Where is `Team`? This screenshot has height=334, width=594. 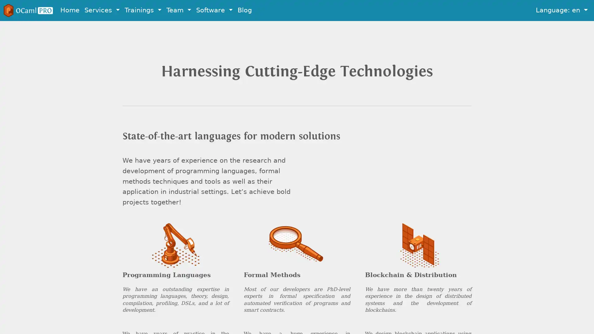 Team is located at coordinates (178, 10).